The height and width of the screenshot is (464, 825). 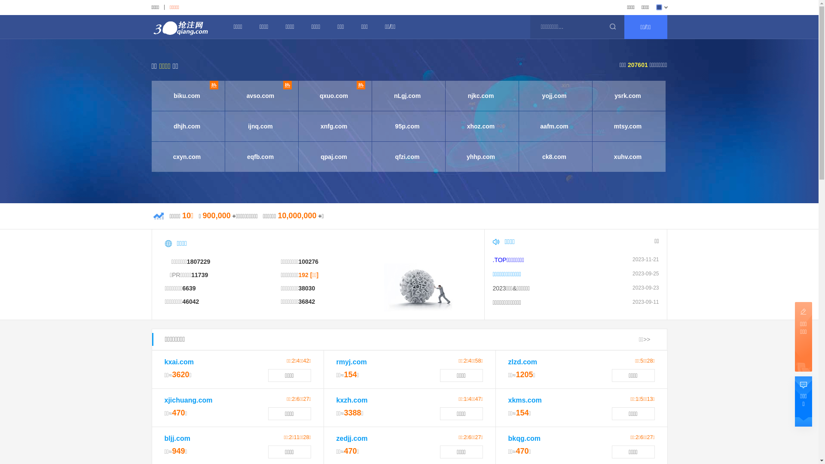 I want to click on 'xuhv.com', so click(x=596, y=157).